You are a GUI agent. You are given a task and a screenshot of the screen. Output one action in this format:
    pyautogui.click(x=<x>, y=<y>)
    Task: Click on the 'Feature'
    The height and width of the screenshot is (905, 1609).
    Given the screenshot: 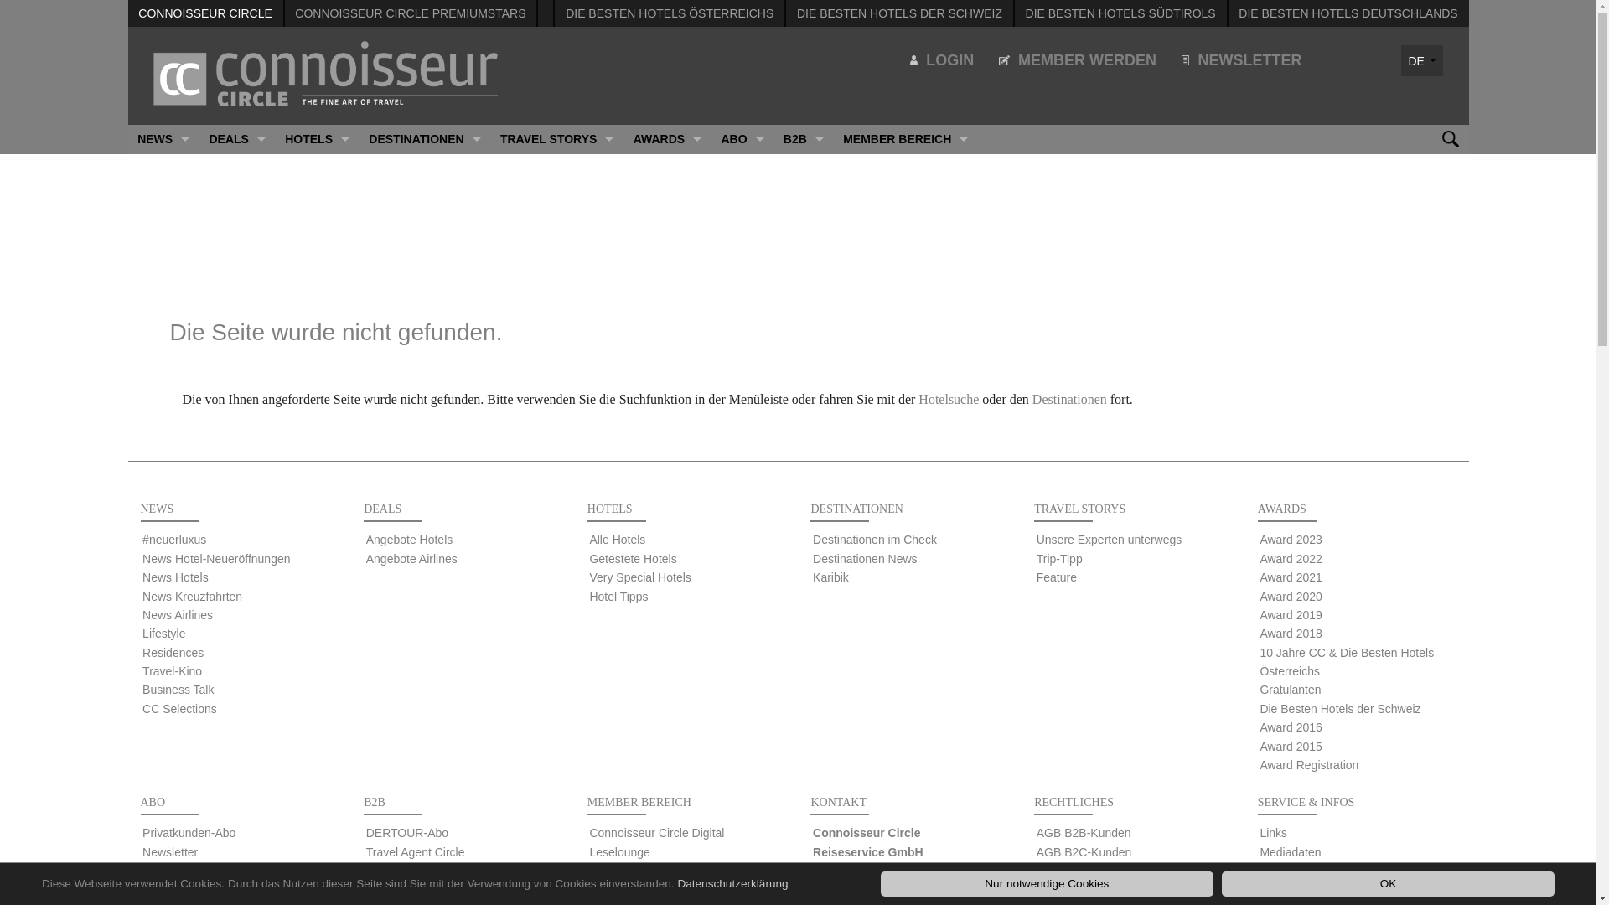 What is the action you would take?
    pyautogui.click(x=1036, y=577)
    